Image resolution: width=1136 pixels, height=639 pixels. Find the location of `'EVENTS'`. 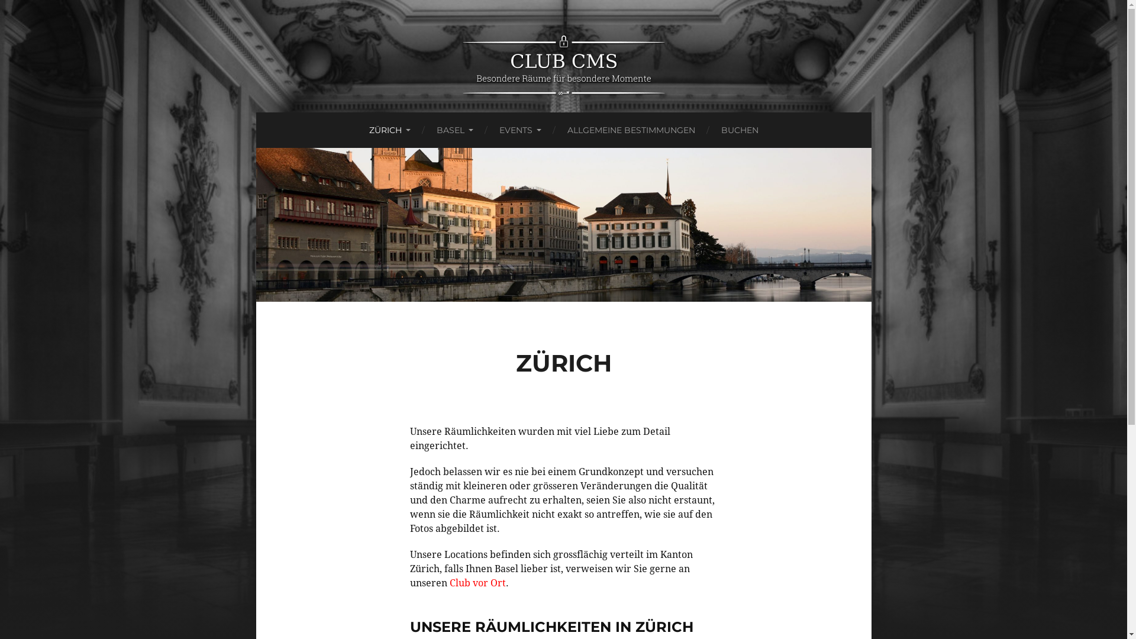

'EVENTS' is located at coordinates (520, 130).